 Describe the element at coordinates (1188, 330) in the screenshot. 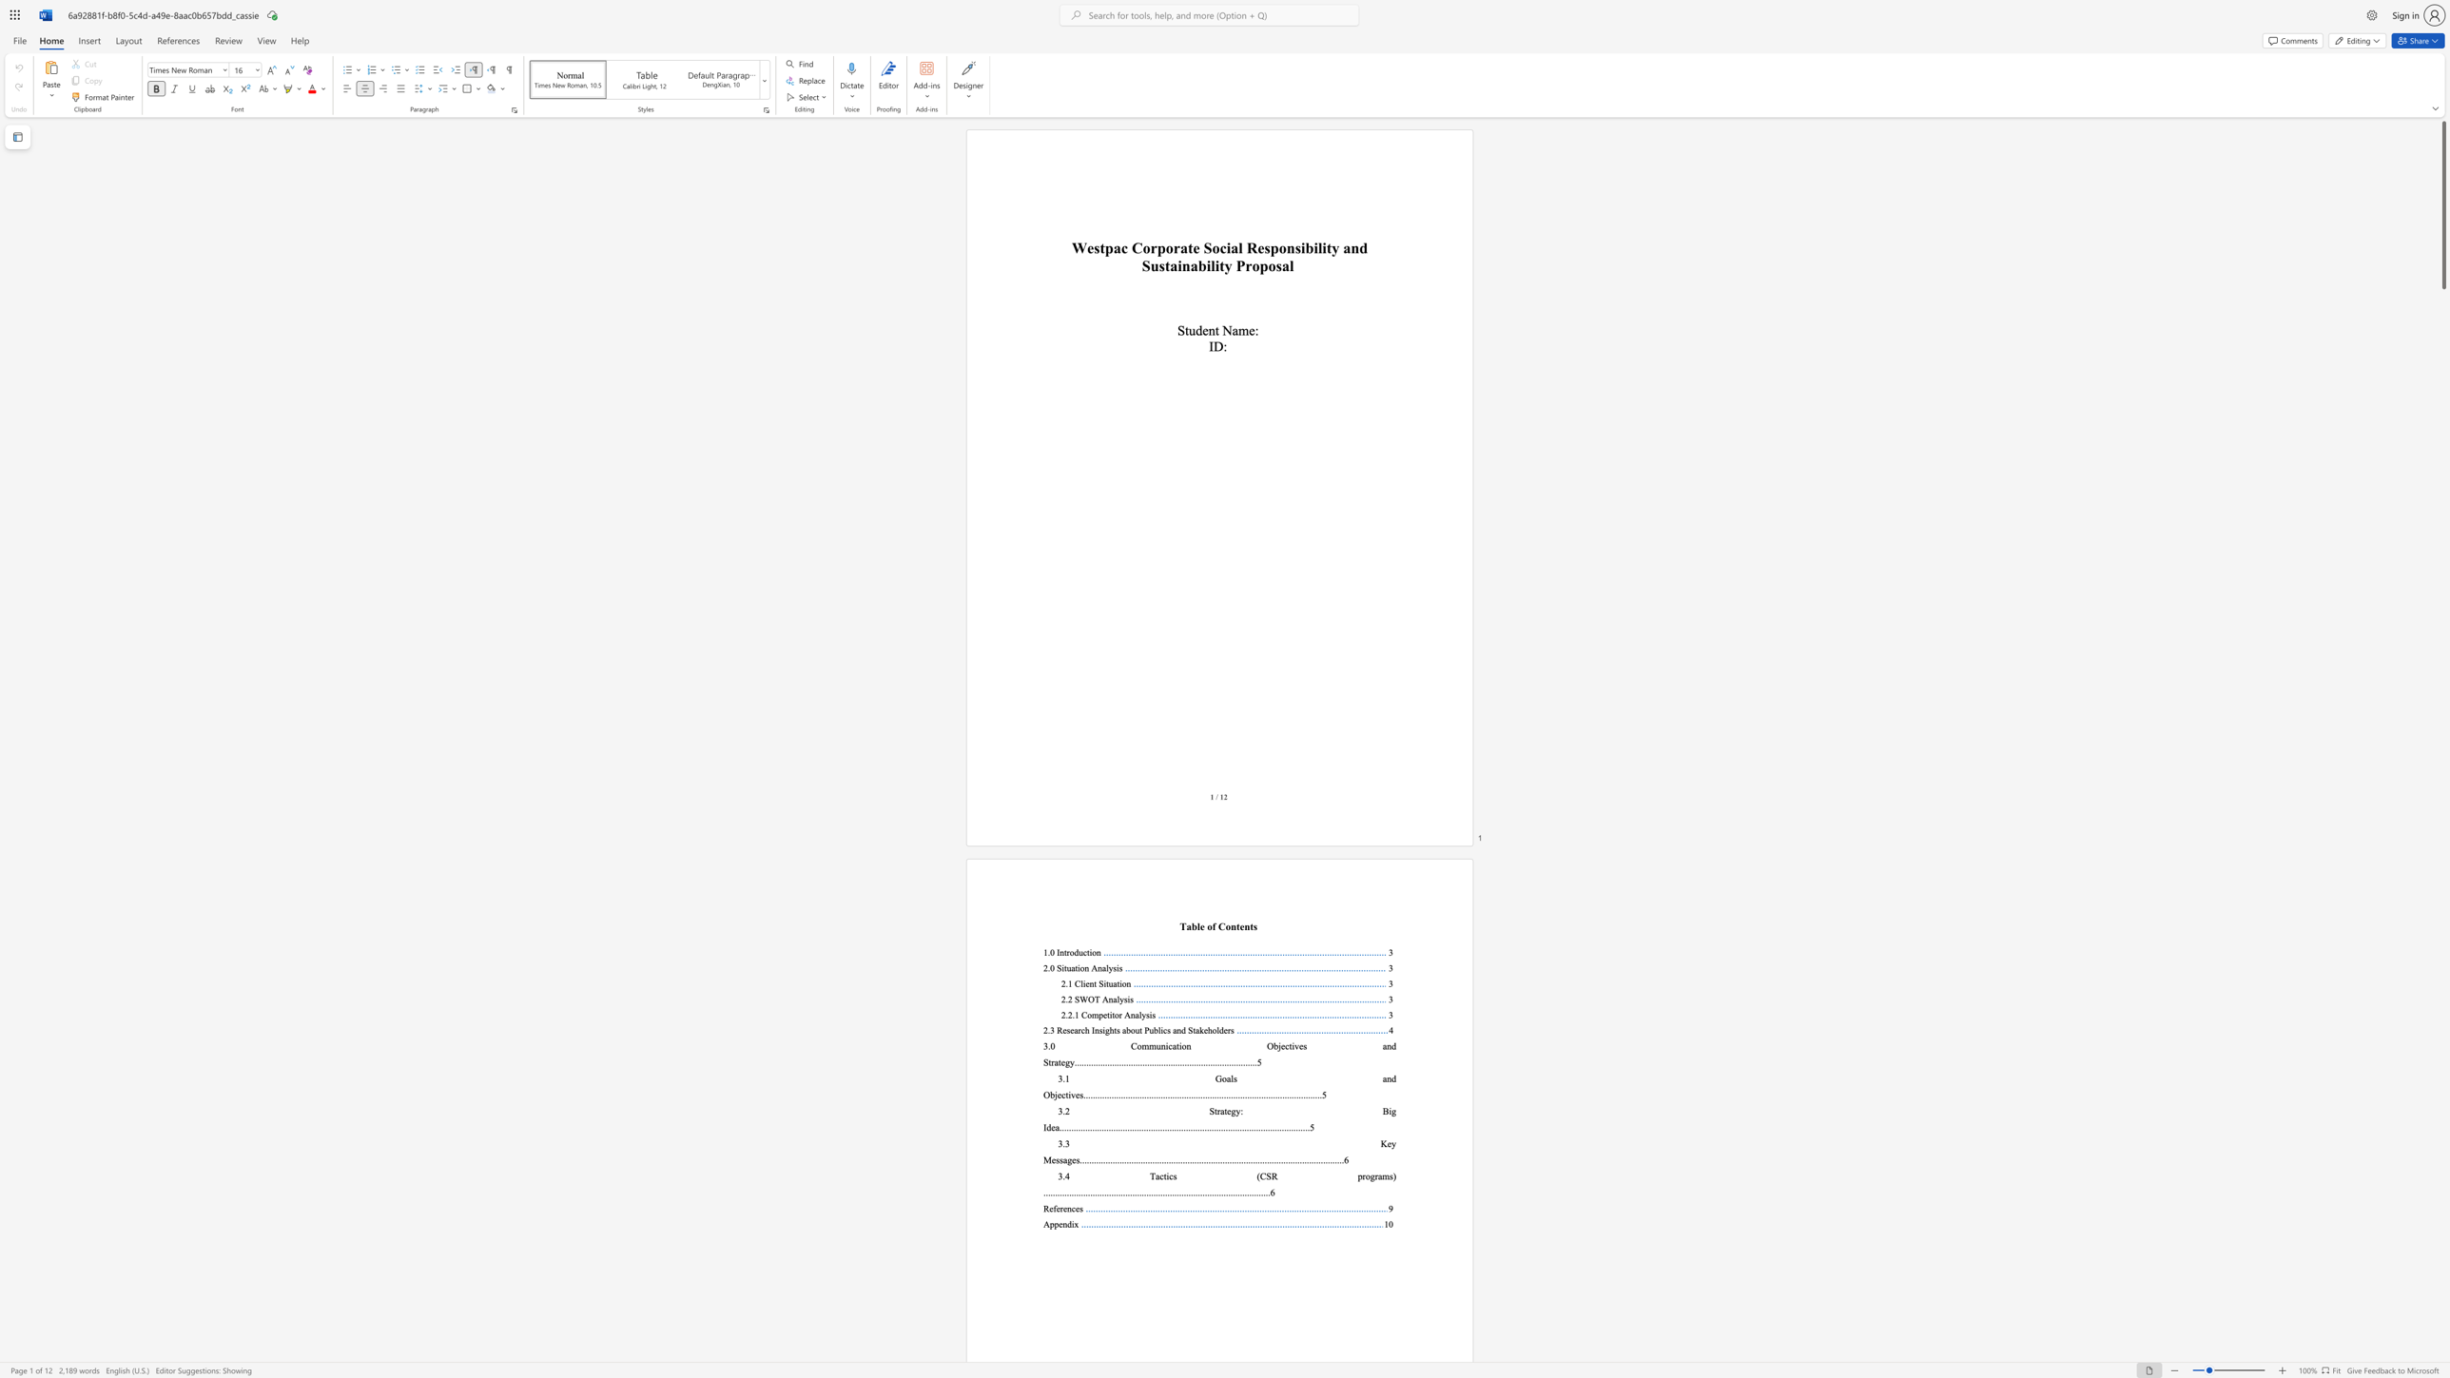

I see `the subset text "udent Name" within the text "tudent Name:"` at that location.